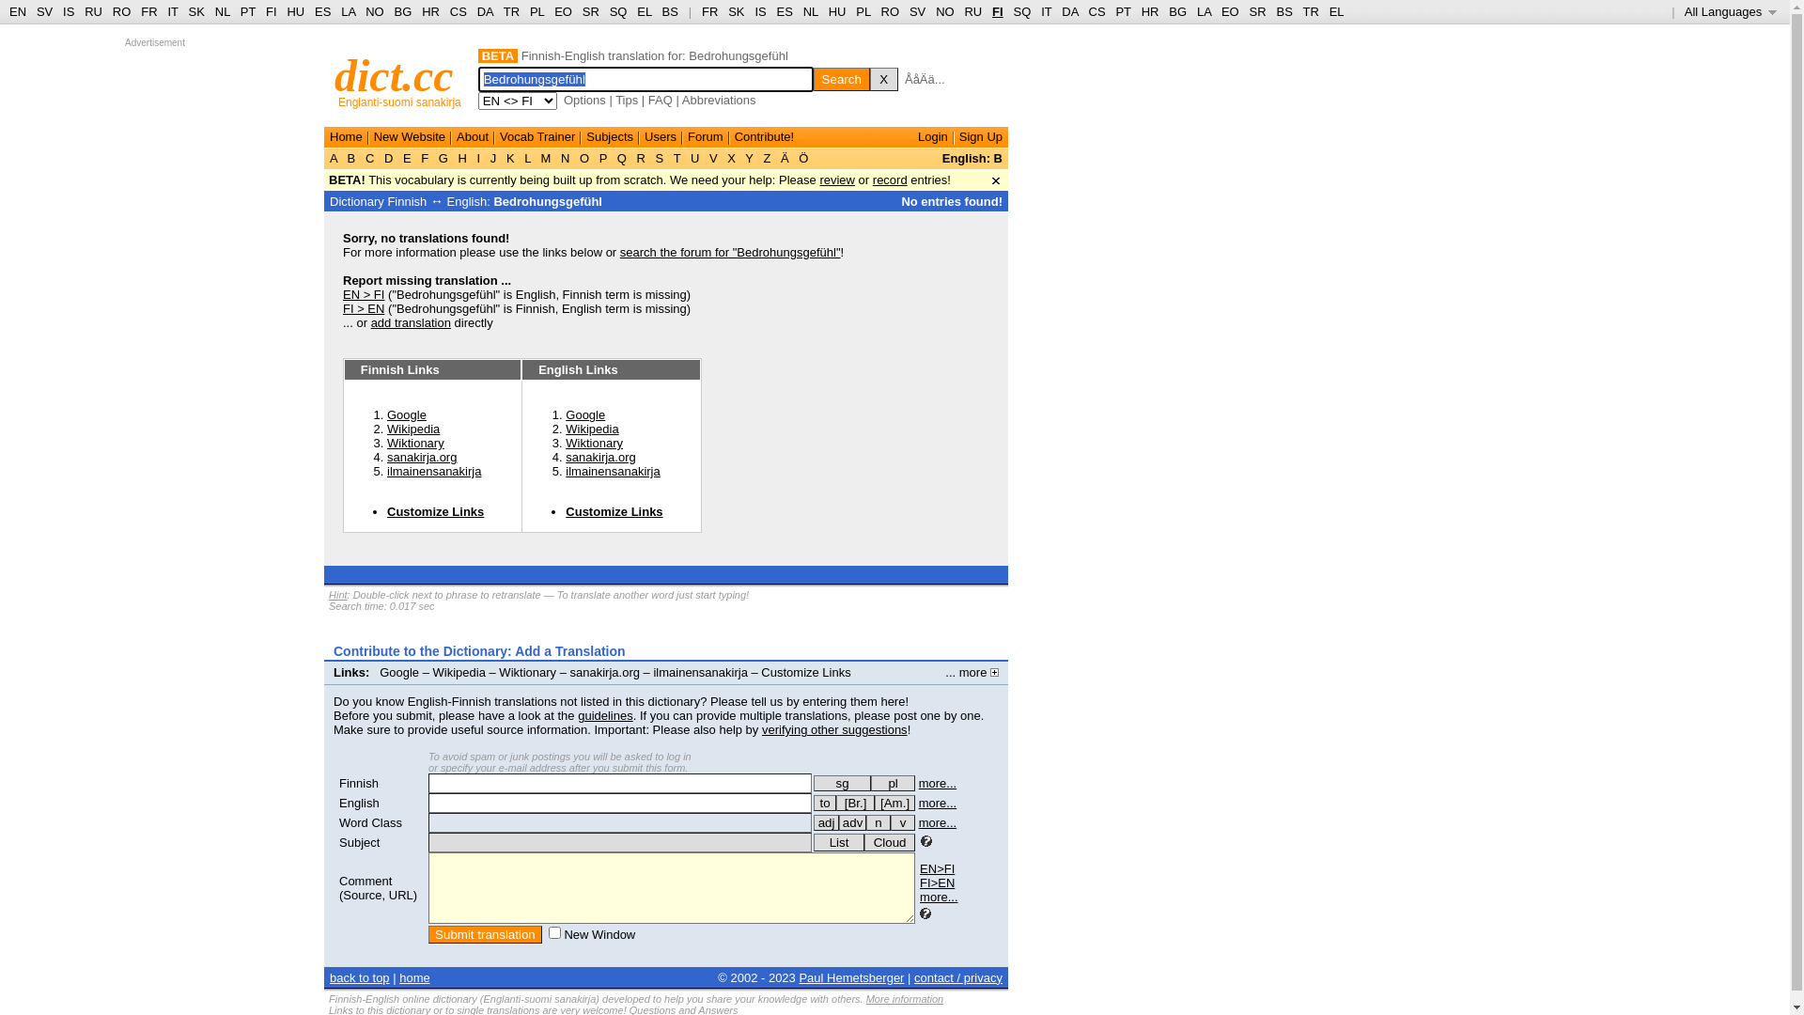  Describe the element at coordinates (979, 135) in the screenshot. I see `'Sign Up'` at that location.